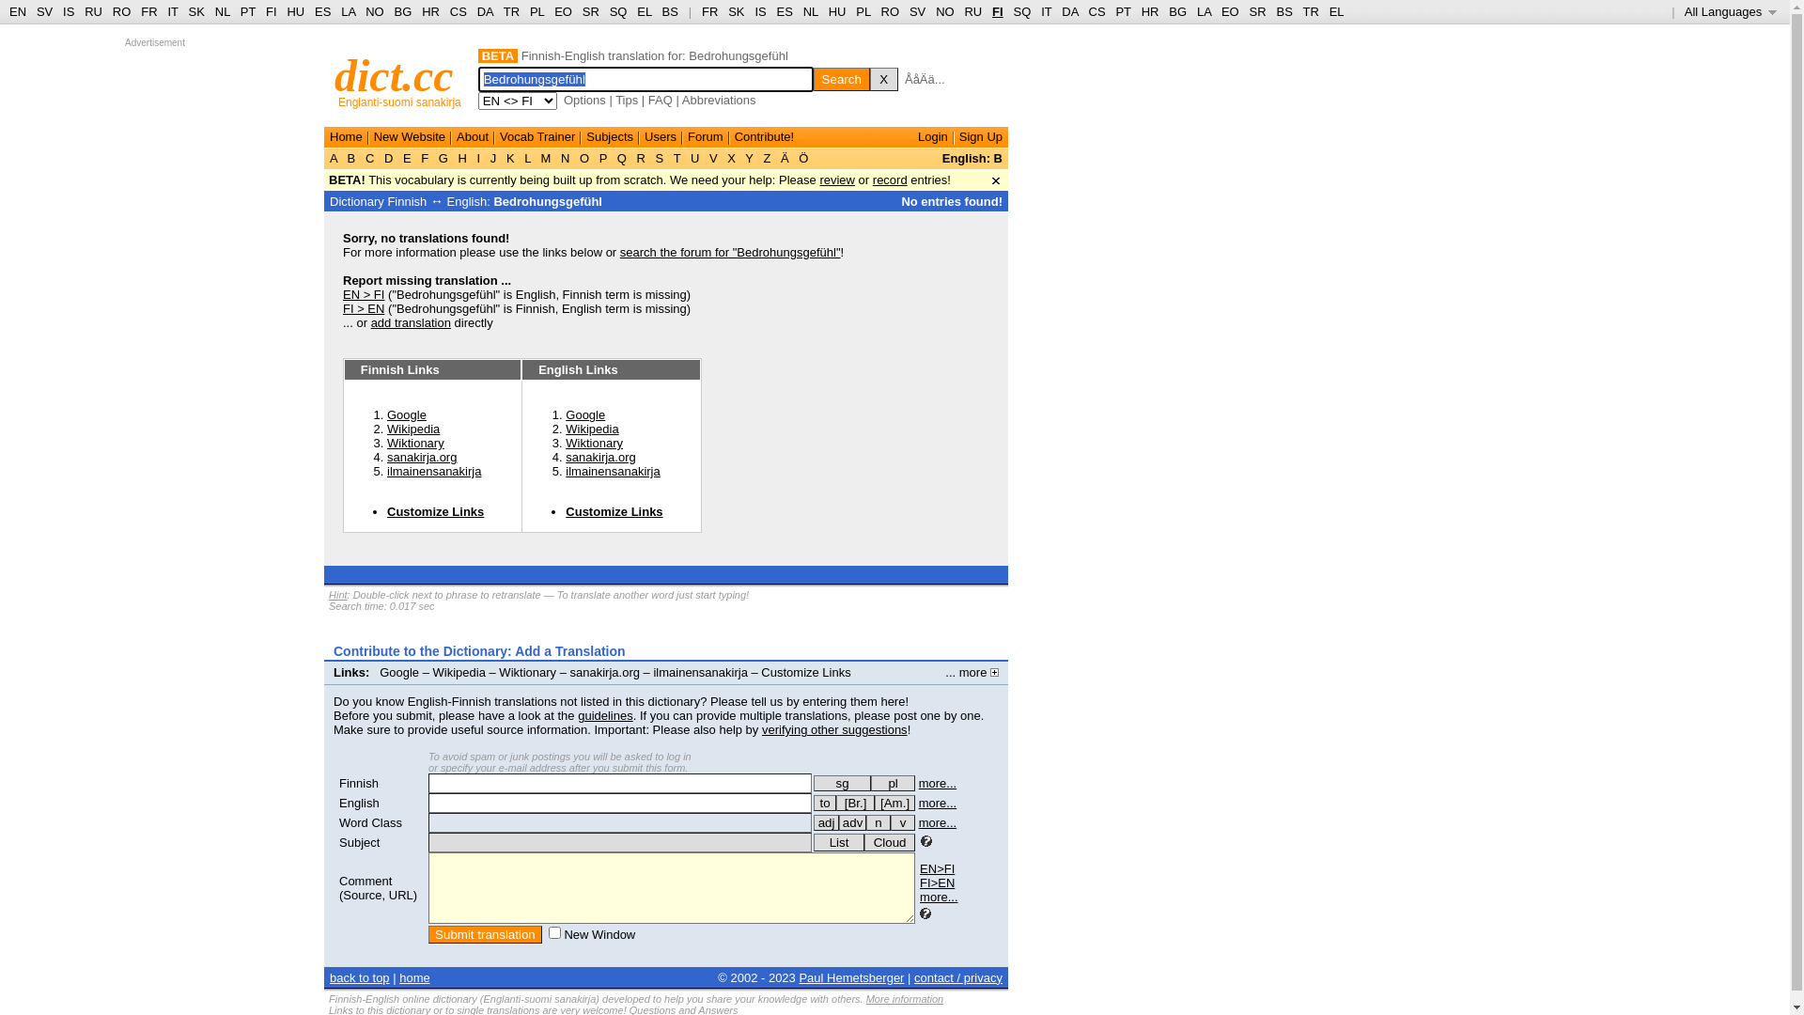  Describe the element at coordinates (979, 135) in the screenshot. I see `'Sign Up'` at that location.